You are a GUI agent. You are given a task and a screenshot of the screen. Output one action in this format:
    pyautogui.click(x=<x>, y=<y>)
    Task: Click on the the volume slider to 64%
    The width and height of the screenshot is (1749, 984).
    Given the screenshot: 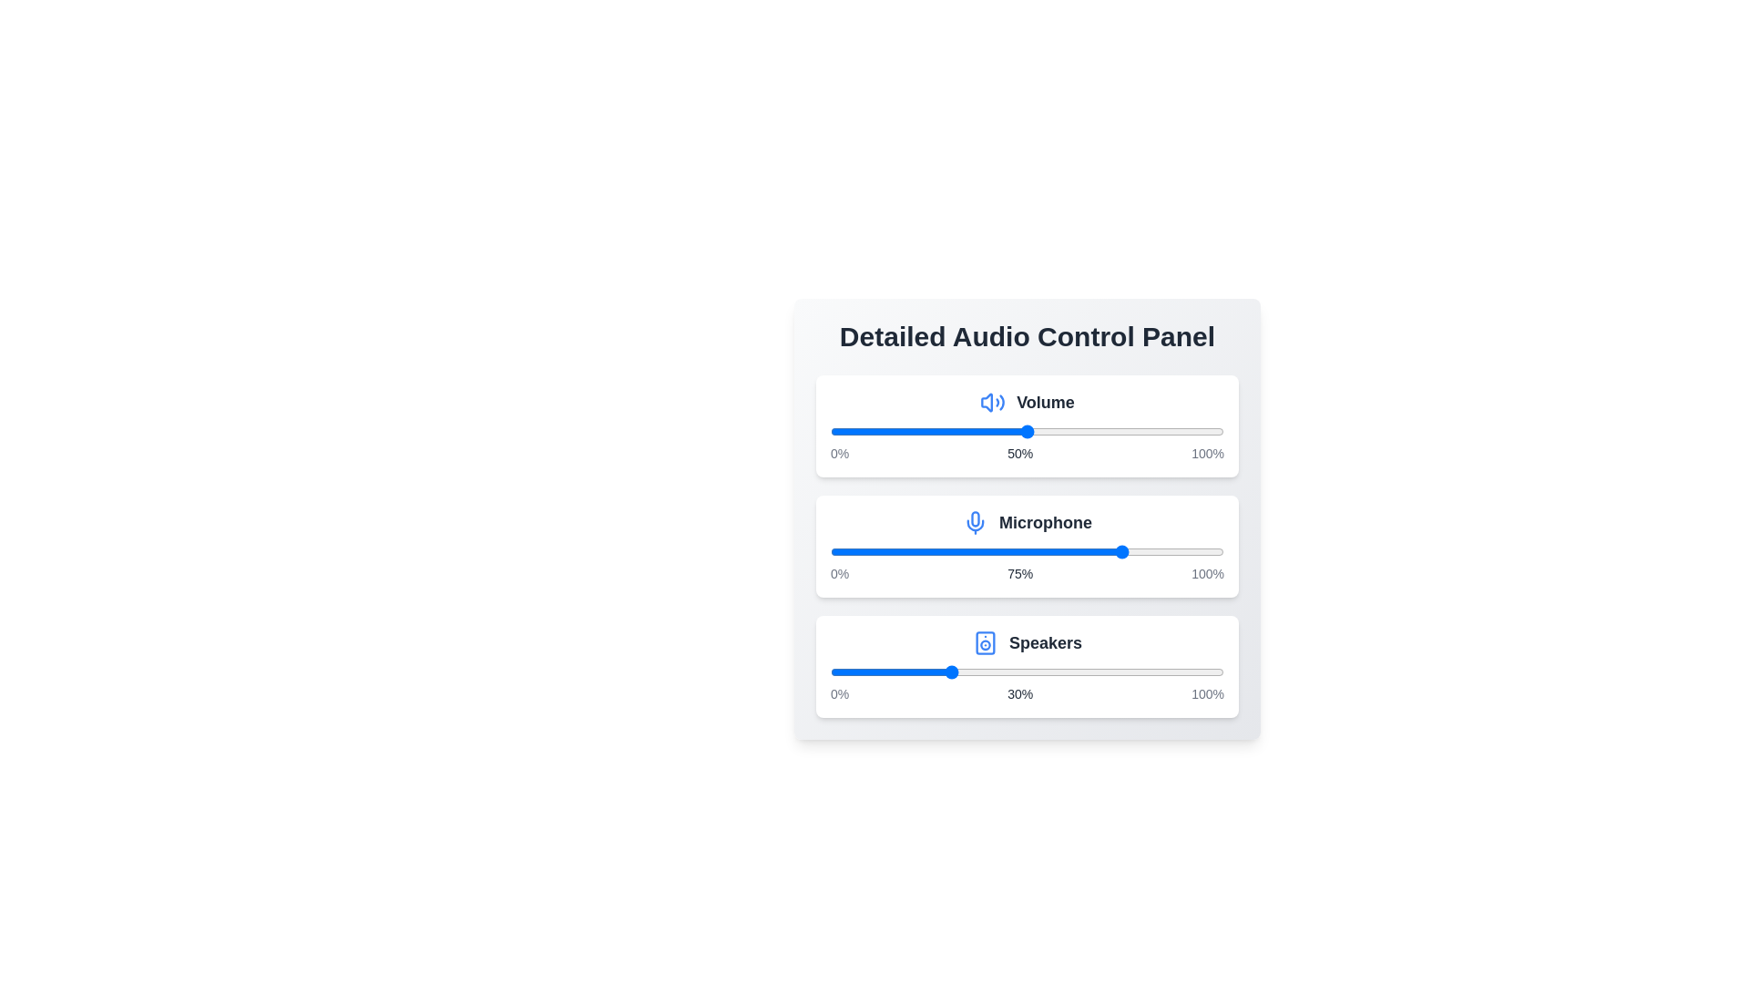 What is the action you would take?
    pyautogui.click(x=1082, y=432)
    